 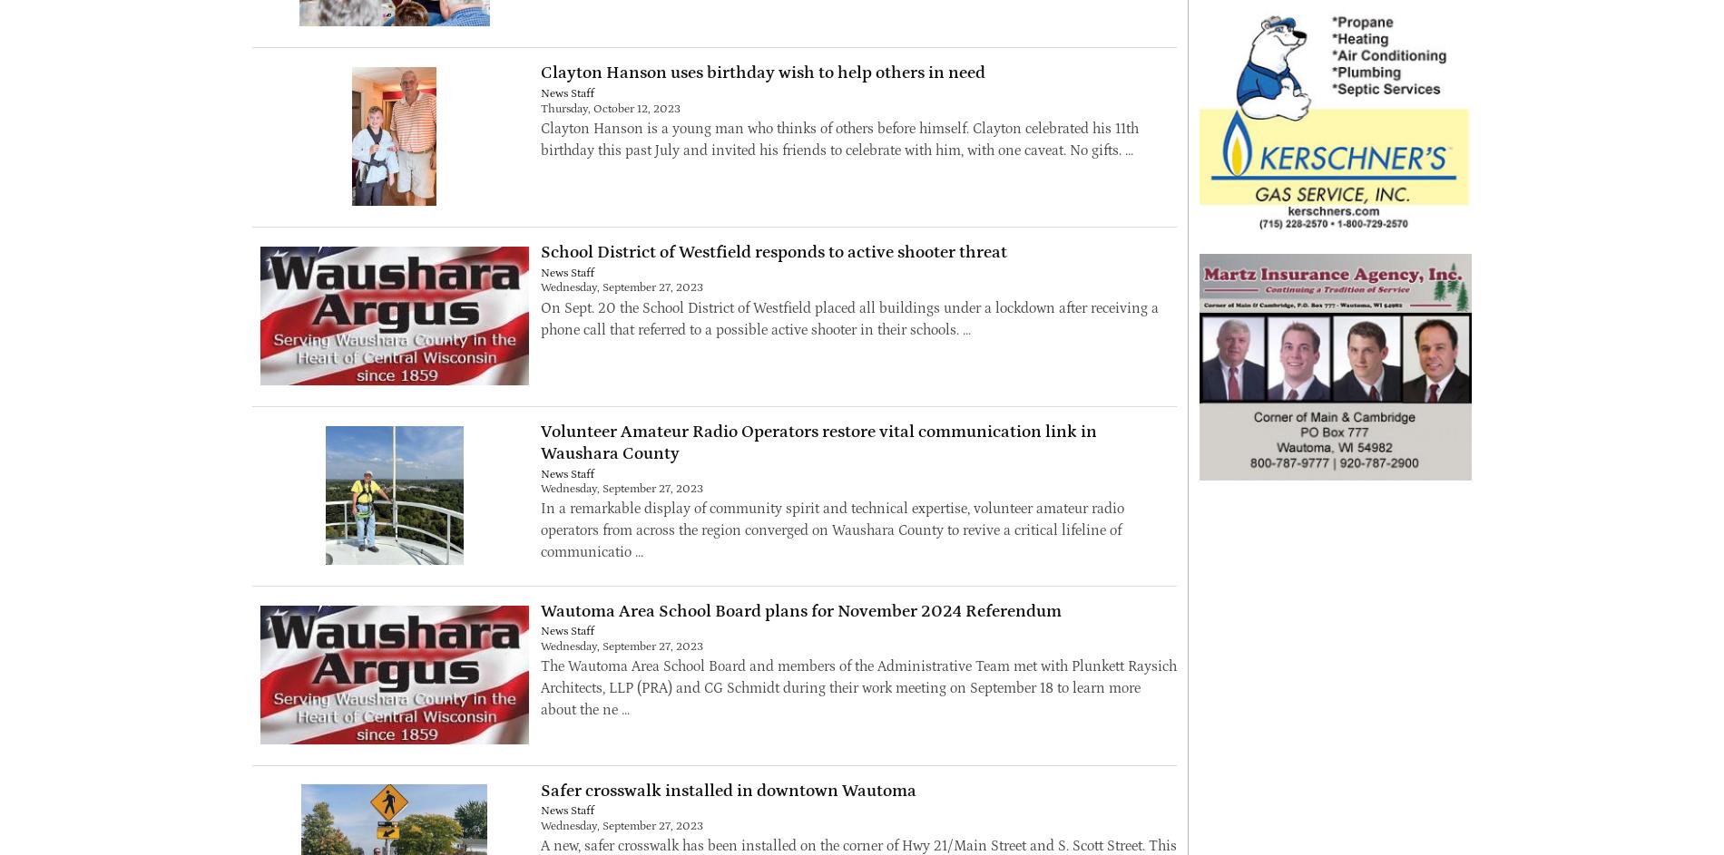 I want to click on 'Volunteer Amateur Radio Operators restore vital communication link in Waushara County', so click(x=817, y=441).